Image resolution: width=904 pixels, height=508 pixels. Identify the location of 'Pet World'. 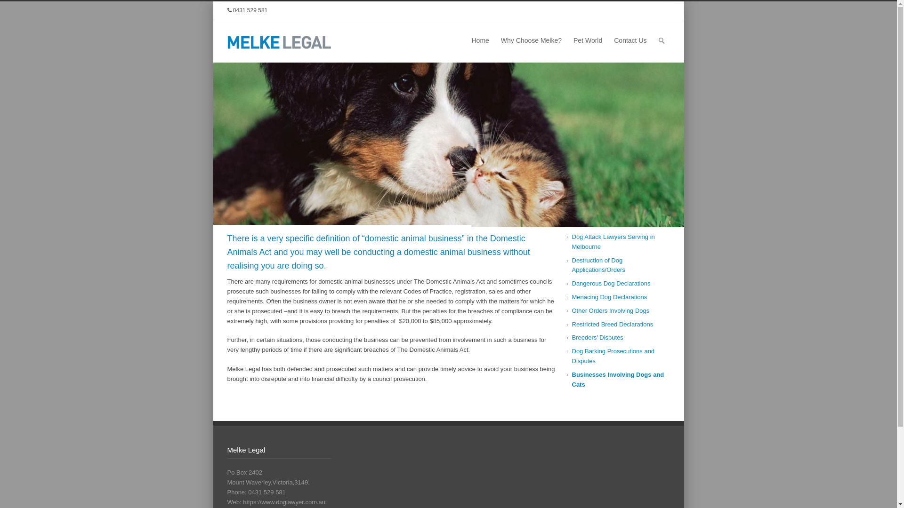
(587, 41).